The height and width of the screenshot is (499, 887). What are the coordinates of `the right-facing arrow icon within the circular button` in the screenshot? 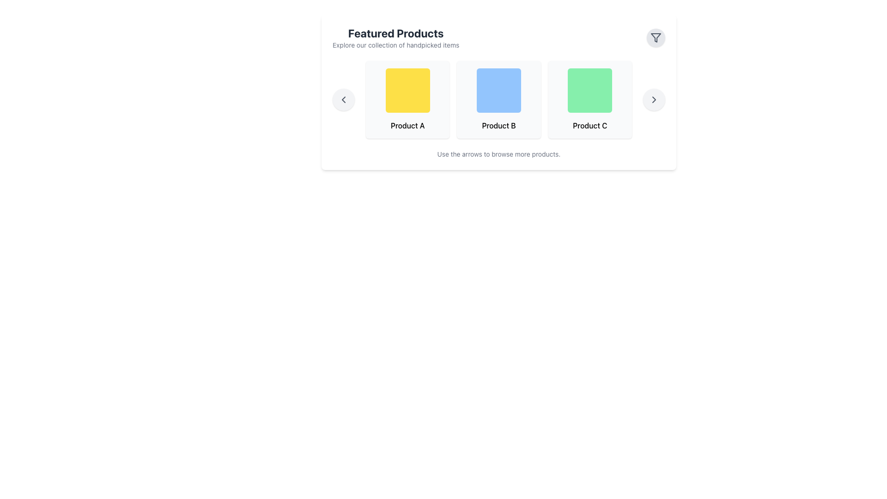 It's located at (654, 100).